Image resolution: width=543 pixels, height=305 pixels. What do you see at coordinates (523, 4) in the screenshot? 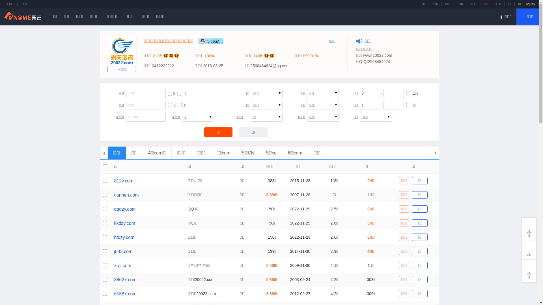
I see `'English'` at bounding box center [523, 4].